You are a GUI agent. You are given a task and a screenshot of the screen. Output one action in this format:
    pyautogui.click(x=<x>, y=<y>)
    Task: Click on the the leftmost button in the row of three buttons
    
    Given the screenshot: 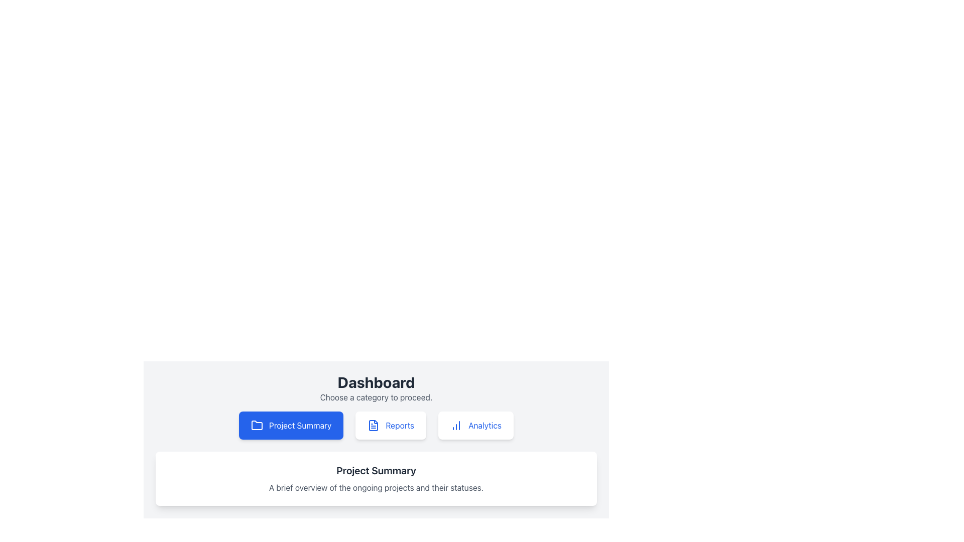 What is the action you would take?
    pyautogui.click(x=291, y=426)
    